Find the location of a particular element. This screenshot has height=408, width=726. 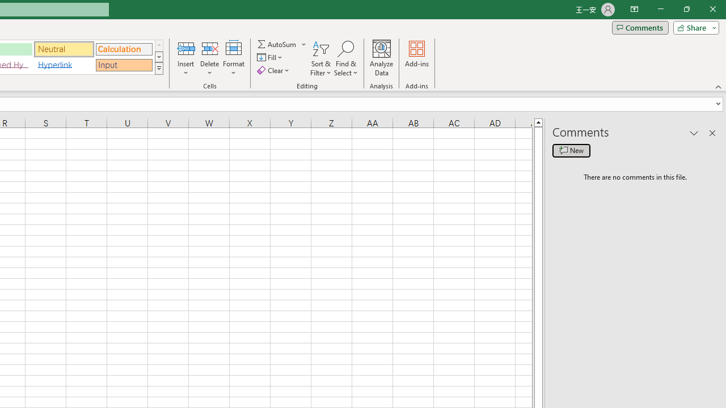

'Hyperlink' is located at coordinates (64, 65).